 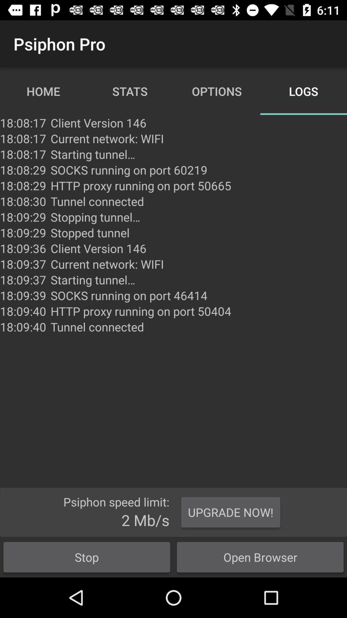 I want to click on the upgrade now!, so click(x=230, y=512).